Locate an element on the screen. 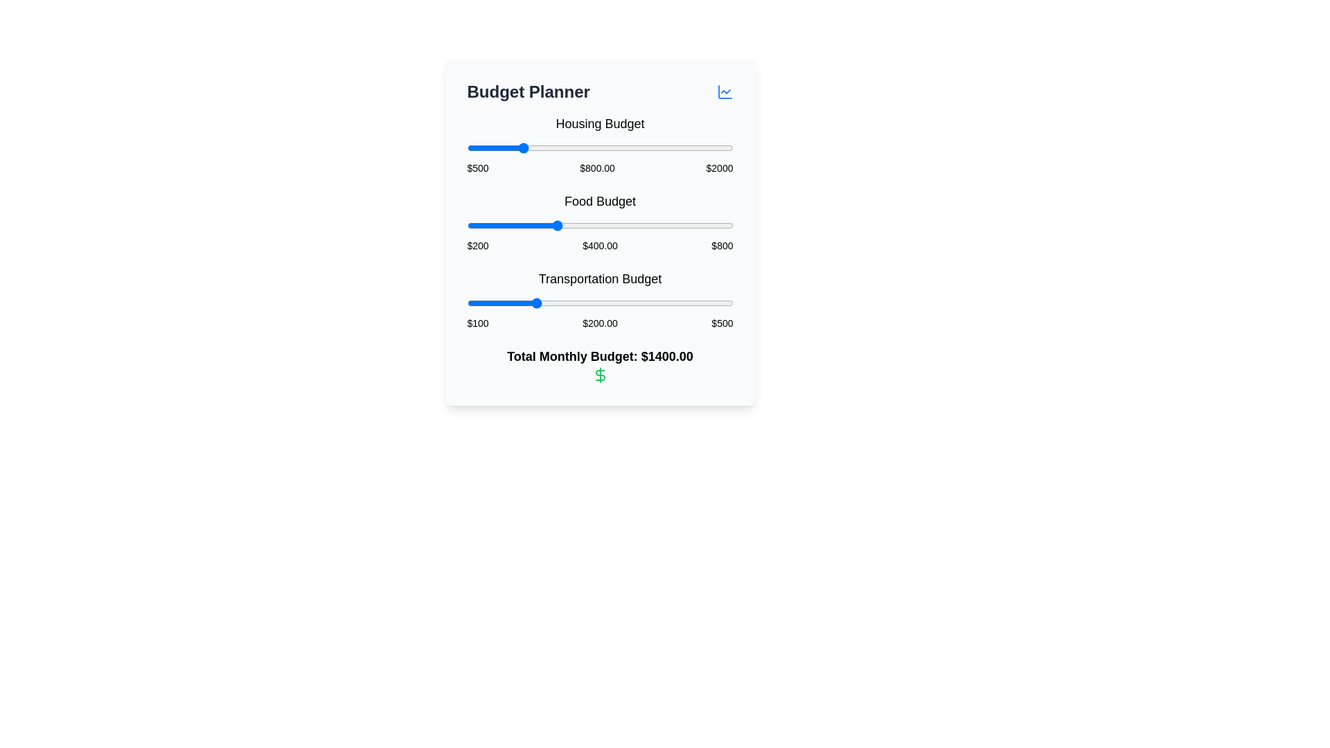 This screenshot has width=1330, height=748. the Food Budget slider is located at coordinates (698, 225).